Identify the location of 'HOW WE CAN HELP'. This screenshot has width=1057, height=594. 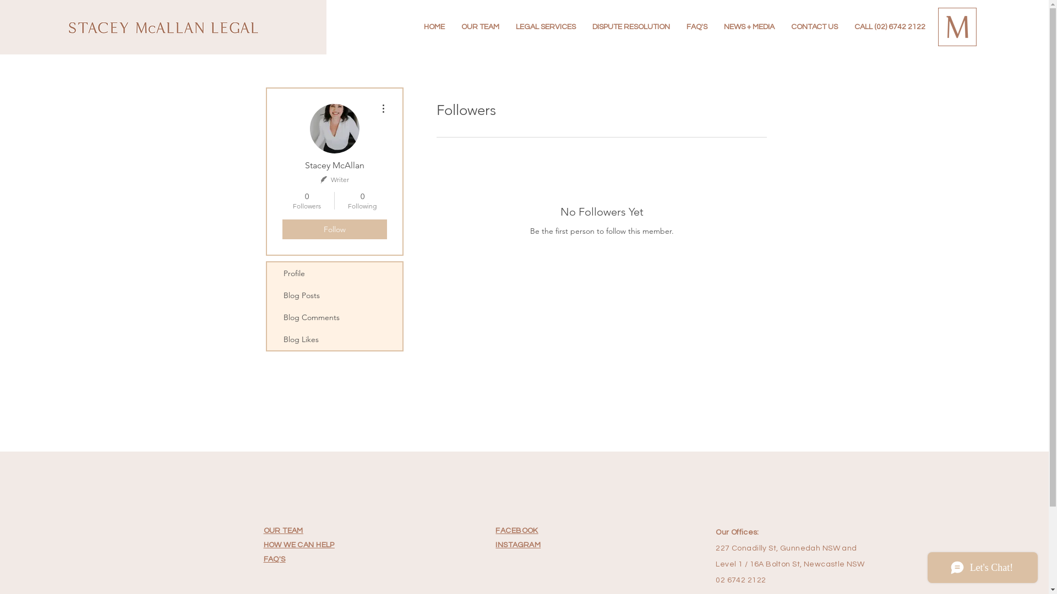
(263, 544).